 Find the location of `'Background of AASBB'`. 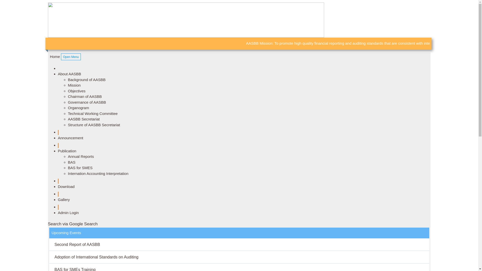

'Background of AASBB' is located at coordinates (67, 79).